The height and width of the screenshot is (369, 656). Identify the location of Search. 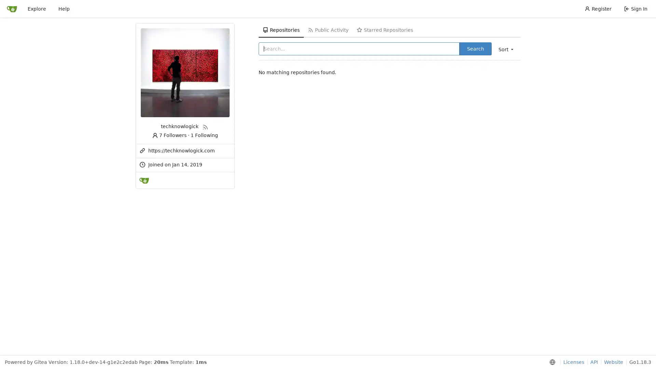
(475, 48).